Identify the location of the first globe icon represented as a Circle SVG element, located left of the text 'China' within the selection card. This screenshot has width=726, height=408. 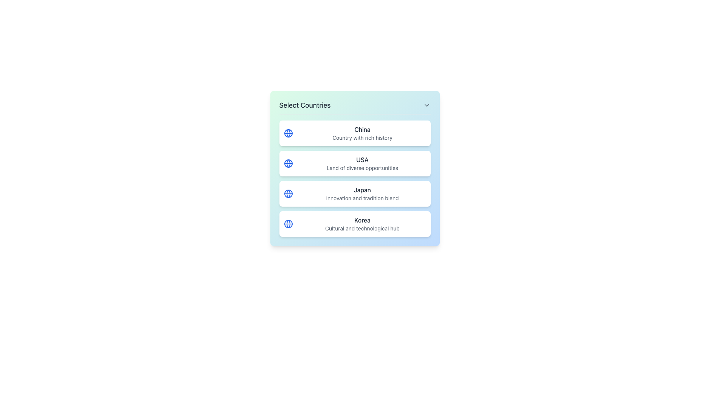
(288, 133).